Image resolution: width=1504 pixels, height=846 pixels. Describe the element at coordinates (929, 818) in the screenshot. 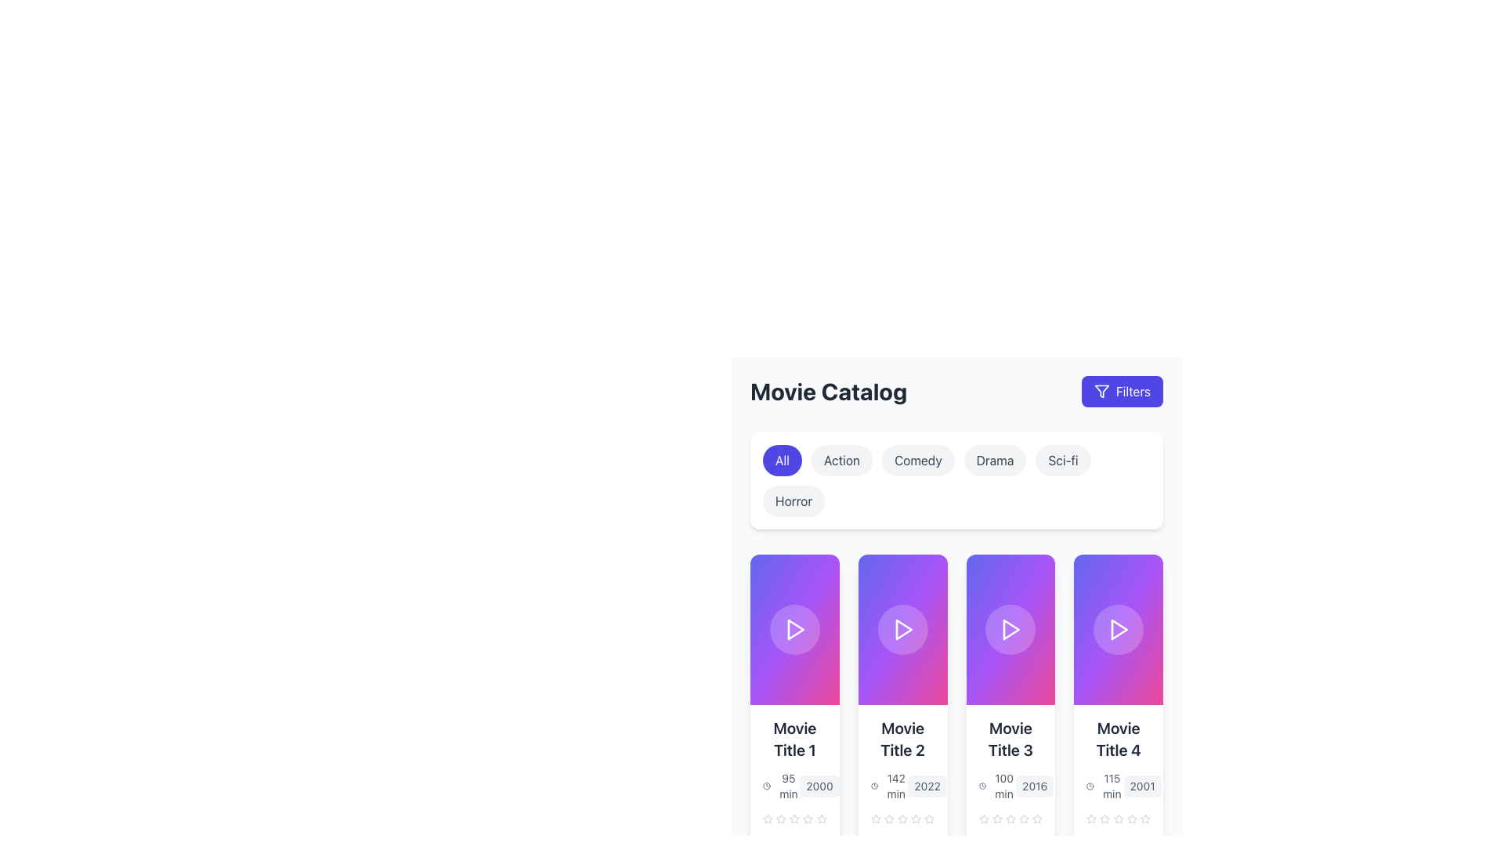

I see `the third rating star for 'Movie Title 3'` at that location.